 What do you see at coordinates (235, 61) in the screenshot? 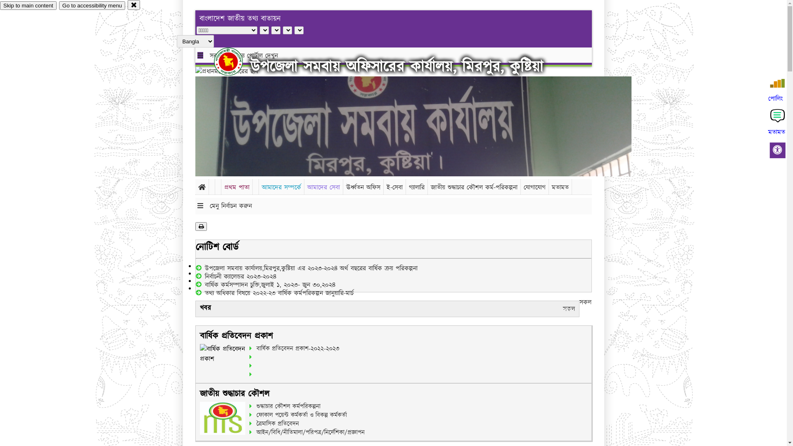
I see `'` at bounding box center [235, 61].